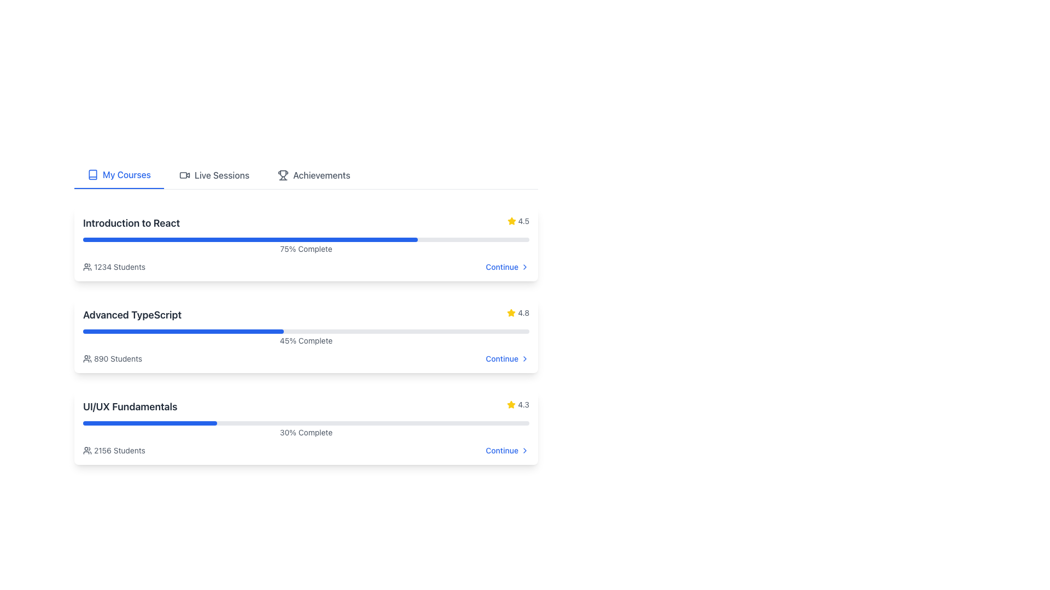 This screenshot has height=590, width=1050. I want to click on text of the Informative Label displaying '2156 Students', which is located in the bottom-most course section titled 'UI/UX Fundamentals', so click(114, 451).